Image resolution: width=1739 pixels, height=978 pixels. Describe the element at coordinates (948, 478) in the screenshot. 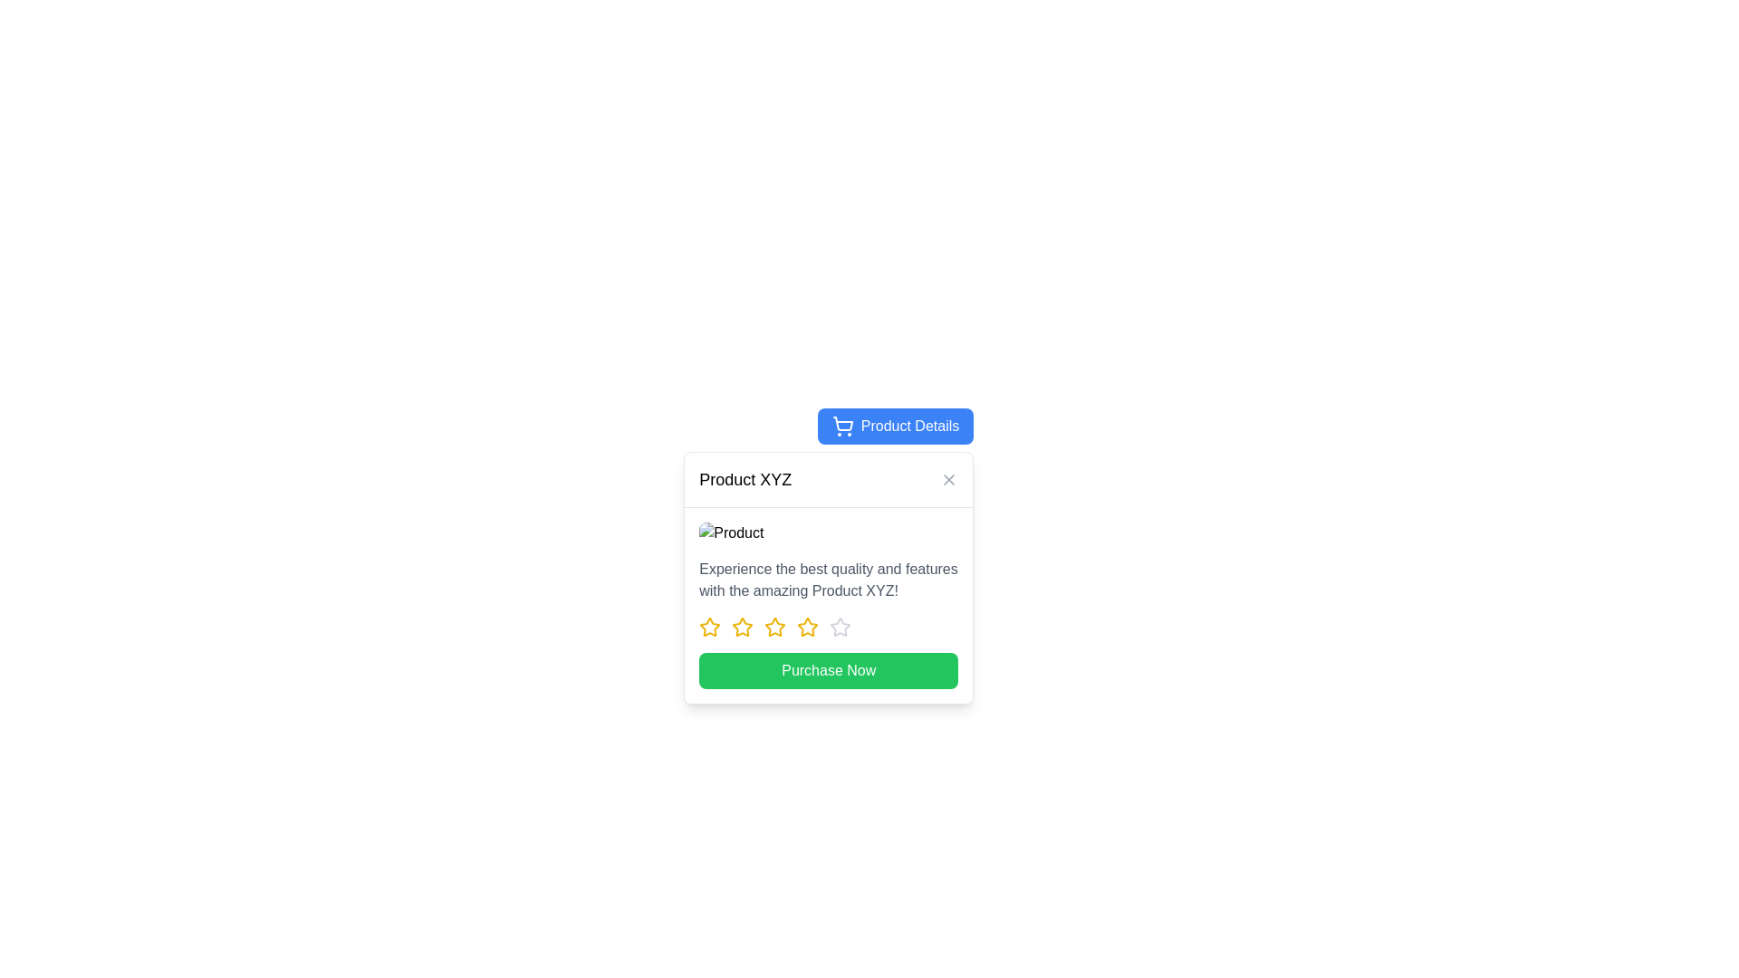

I see `the 'X' icon in the upper-right corner of the card layout` at that location.